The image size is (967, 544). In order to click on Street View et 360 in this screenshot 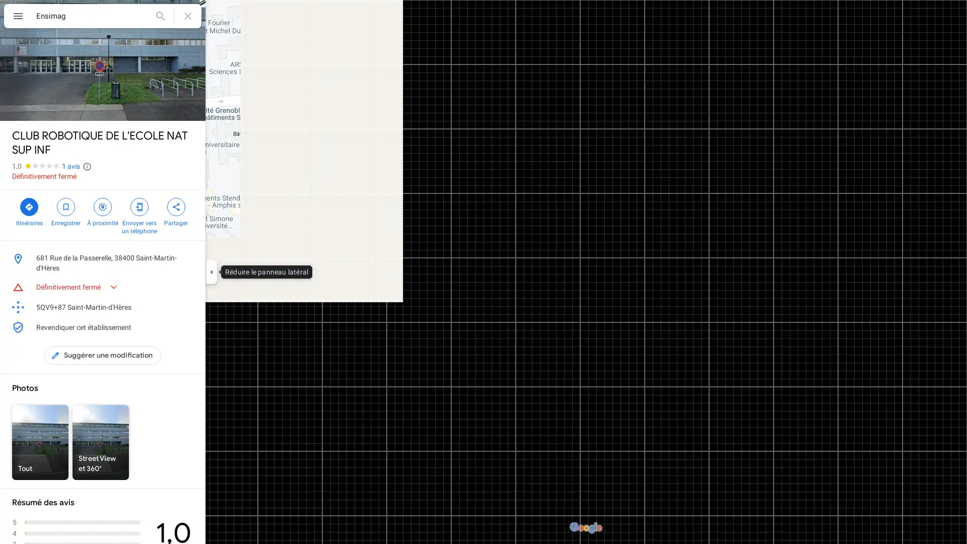, I will do `click(101, 442)`.